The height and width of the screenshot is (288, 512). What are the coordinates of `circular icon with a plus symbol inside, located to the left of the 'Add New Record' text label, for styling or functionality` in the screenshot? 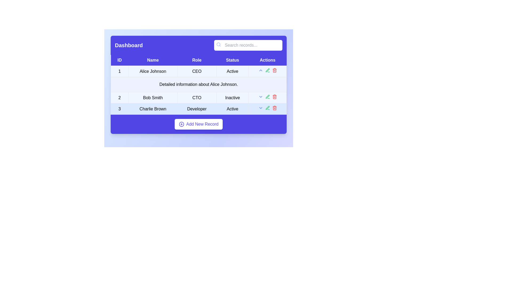 It's located at (181, 124).